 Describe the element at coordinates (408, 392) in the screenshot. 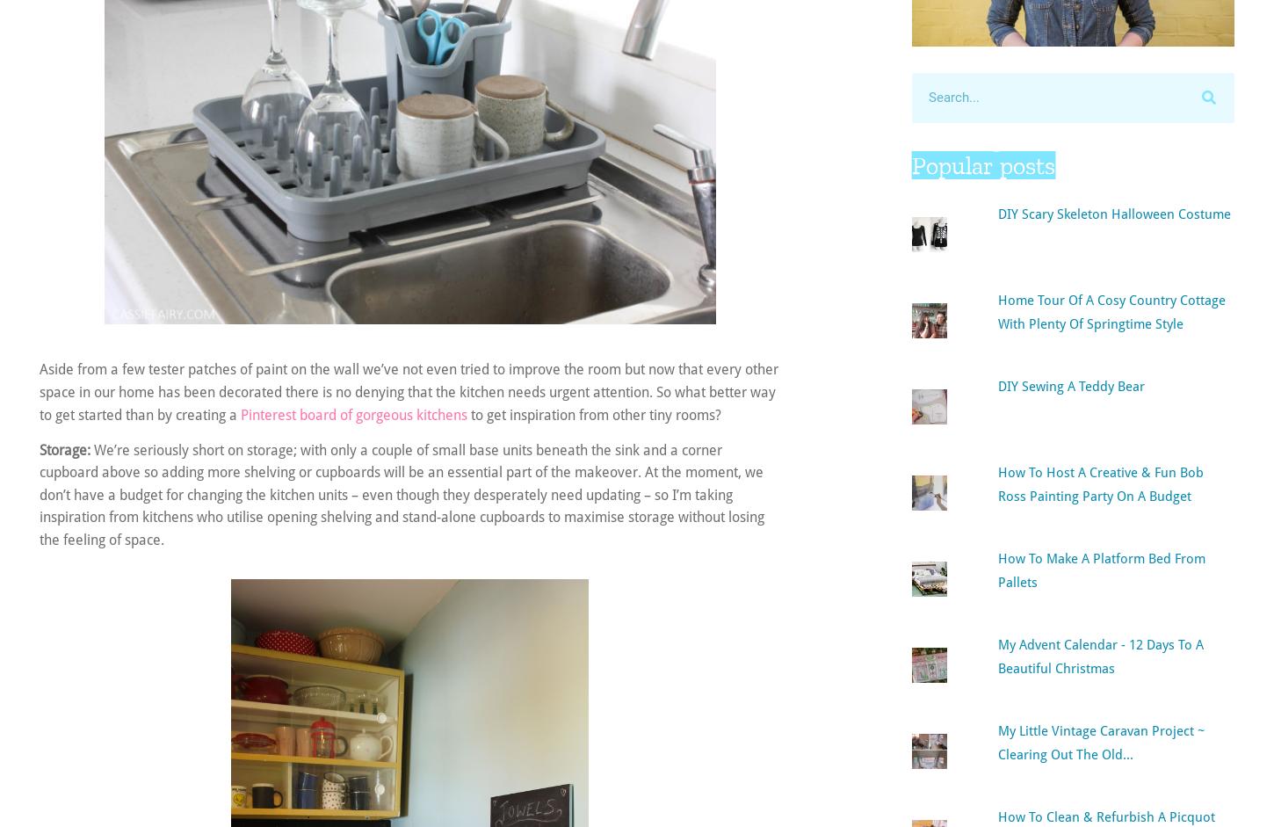

I see `'Aside from a few tester patches of paint on the wall we’ve not even tried to improve the room but now that every other space in our home has been decorated there is no denying that the kitchen needs urgent attention. So what better way to get started than by creating a'` at that location.